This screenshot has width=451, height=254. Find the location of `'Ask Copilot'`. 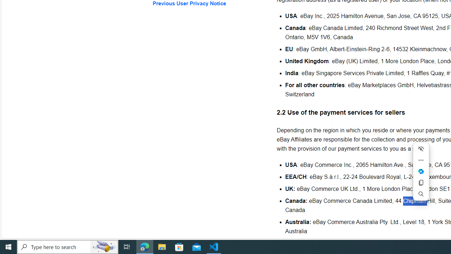

'Ask Copilot' is located at coordinates (421, 171).